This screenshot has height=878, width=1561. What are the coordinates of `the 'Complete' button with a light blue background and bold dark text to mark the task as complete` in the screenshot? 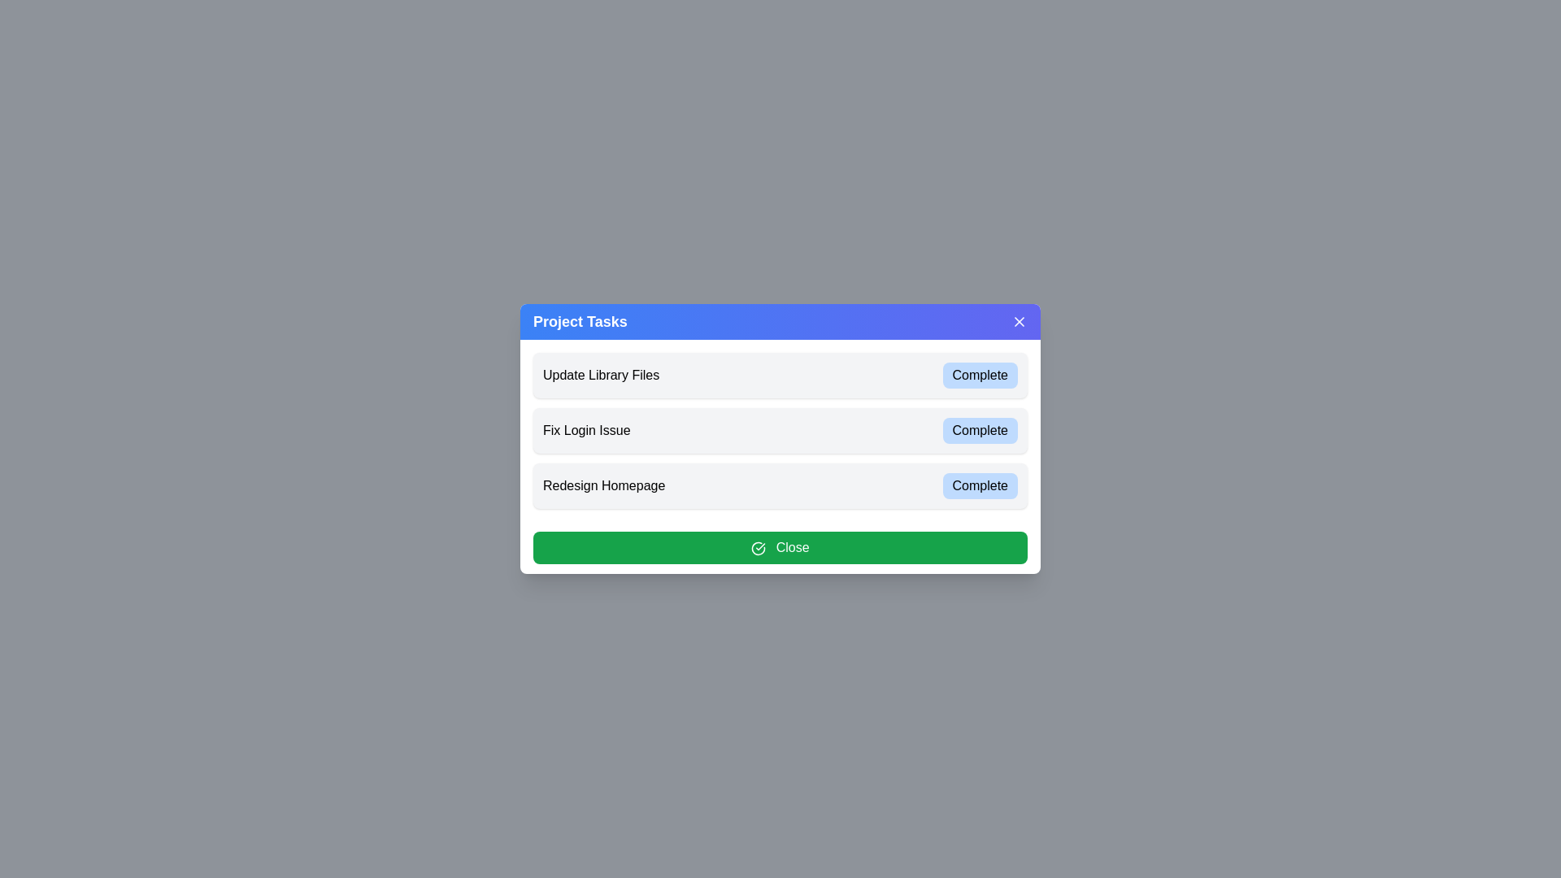 It's located at (979, 376).